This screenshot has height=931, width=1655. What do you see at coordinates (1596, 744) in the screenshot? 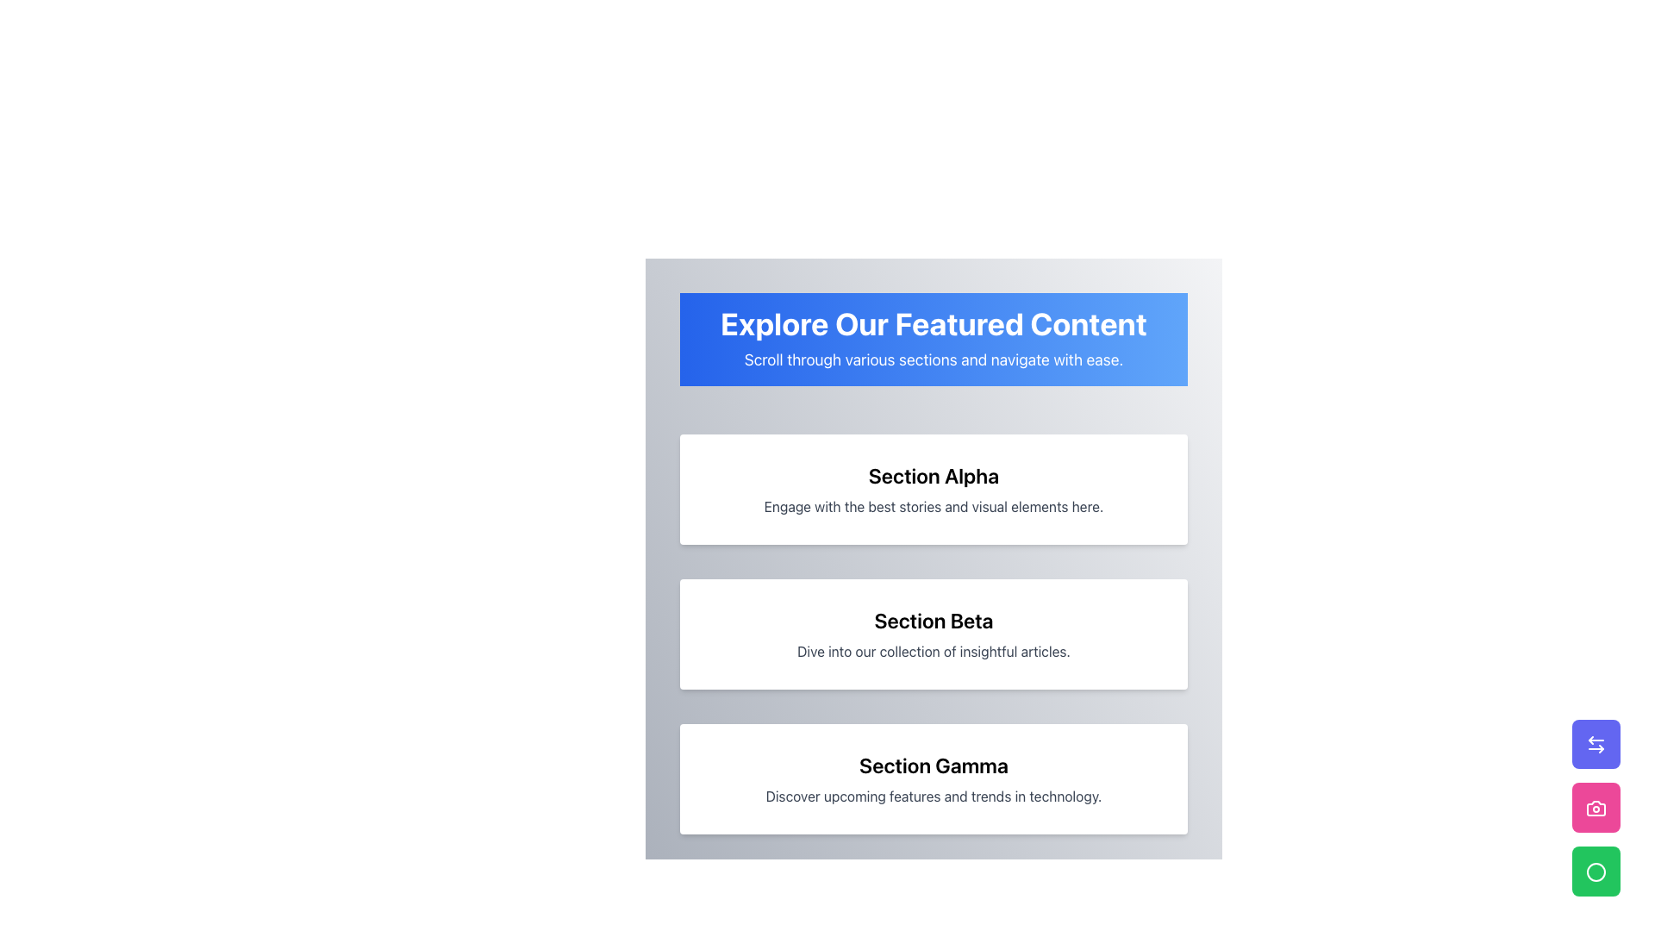
I see `the navigation icon located in the lower right corner of the interface, which is surrounded by a vibrant indigo button with rounded corners` at bounding box center [1596, 744].